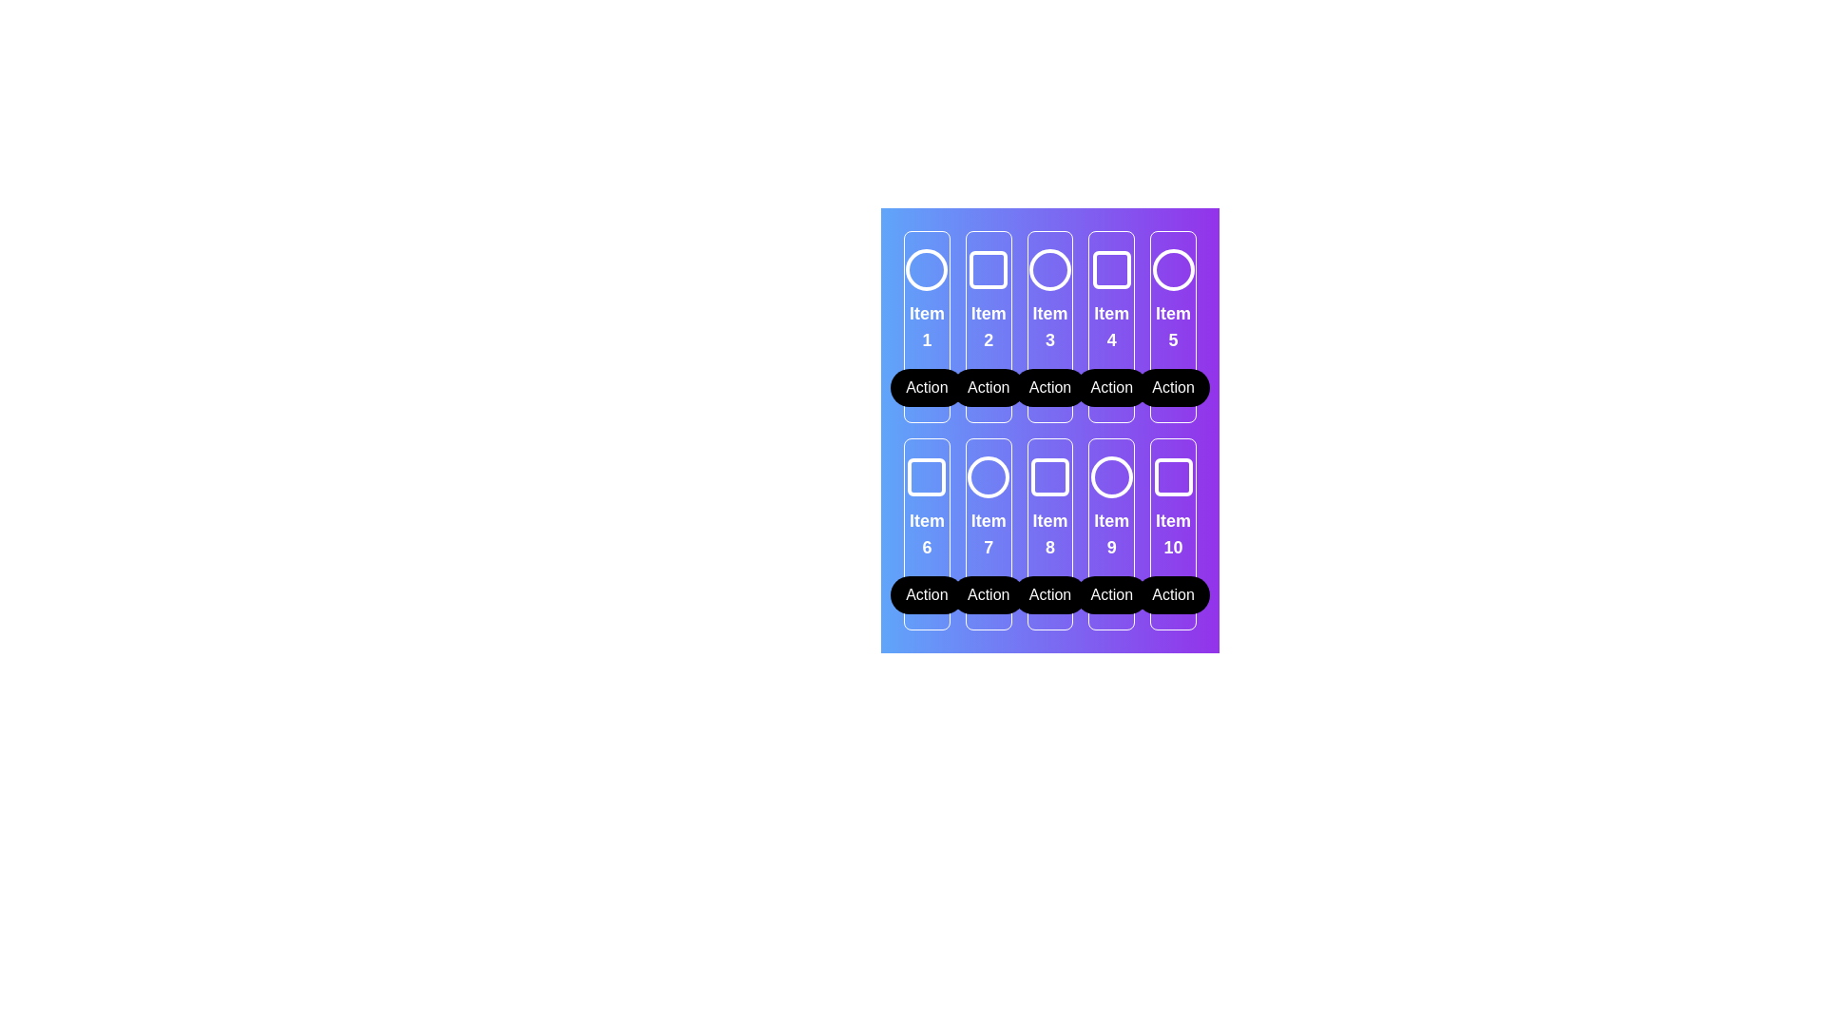 Image resolution: width=1825 pixels, height=1027 pixels. What do you see at coordinates (1048, 325) in the screenshot?
I see `the Text Label displaying 'Item 3', which is centrally positioned in the first row and third column of the grid layout, styled with a bold font on a dark background` at bounding box center [1048, 325].